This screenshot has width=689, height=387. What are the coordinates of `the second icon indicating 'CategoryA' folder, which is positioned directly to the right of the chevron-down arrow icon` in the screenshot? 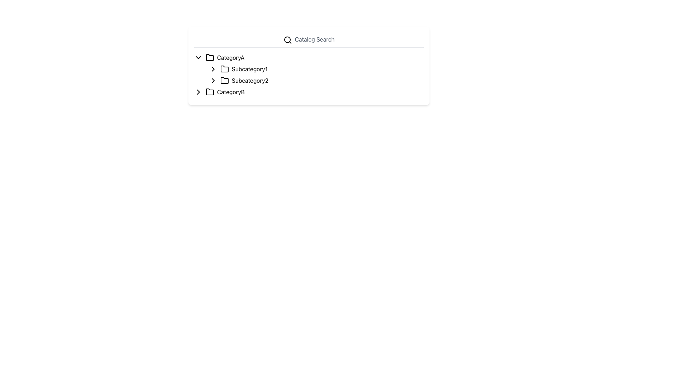 It's located at (210, 57).